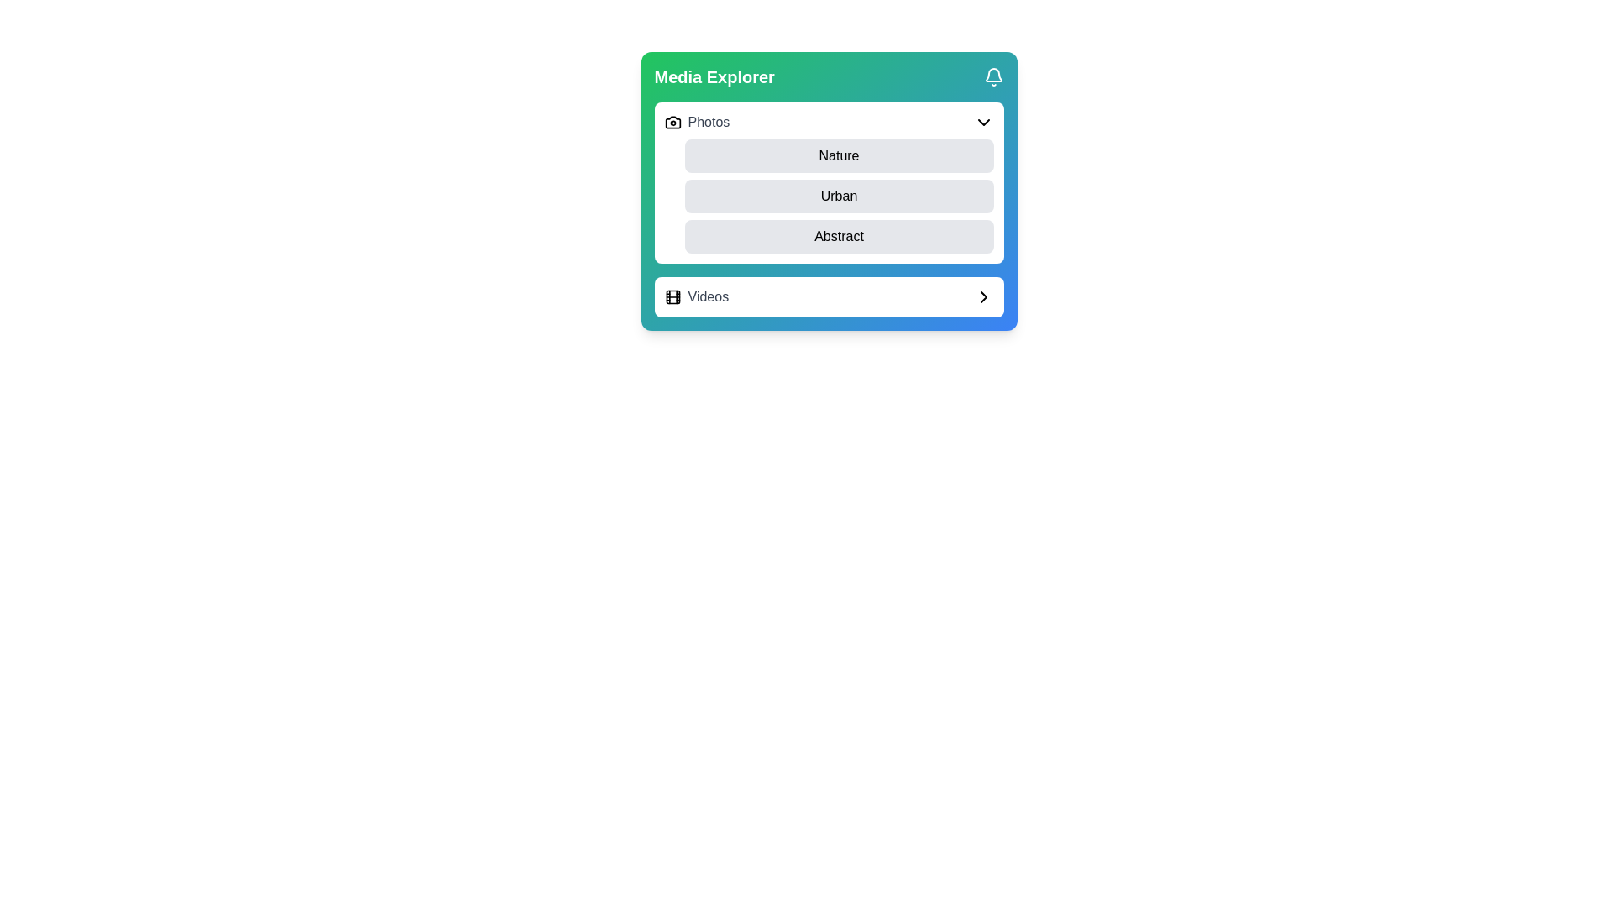  I want to click on the SVG rectangle element located in the 'Videos' section of the lower menu, which is part of the film strip icon, so click(673, 296).